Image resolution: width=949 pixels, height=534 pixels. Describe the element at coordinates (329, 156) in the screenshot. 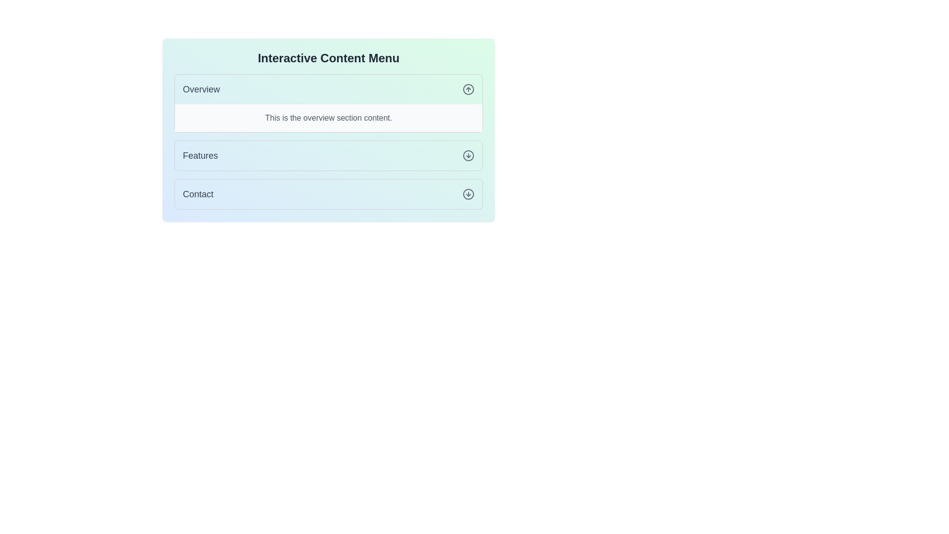

I see `the second menu item in the interactive menu, which is located below the 'Overview' option and above the 'Contact' option` at that location.